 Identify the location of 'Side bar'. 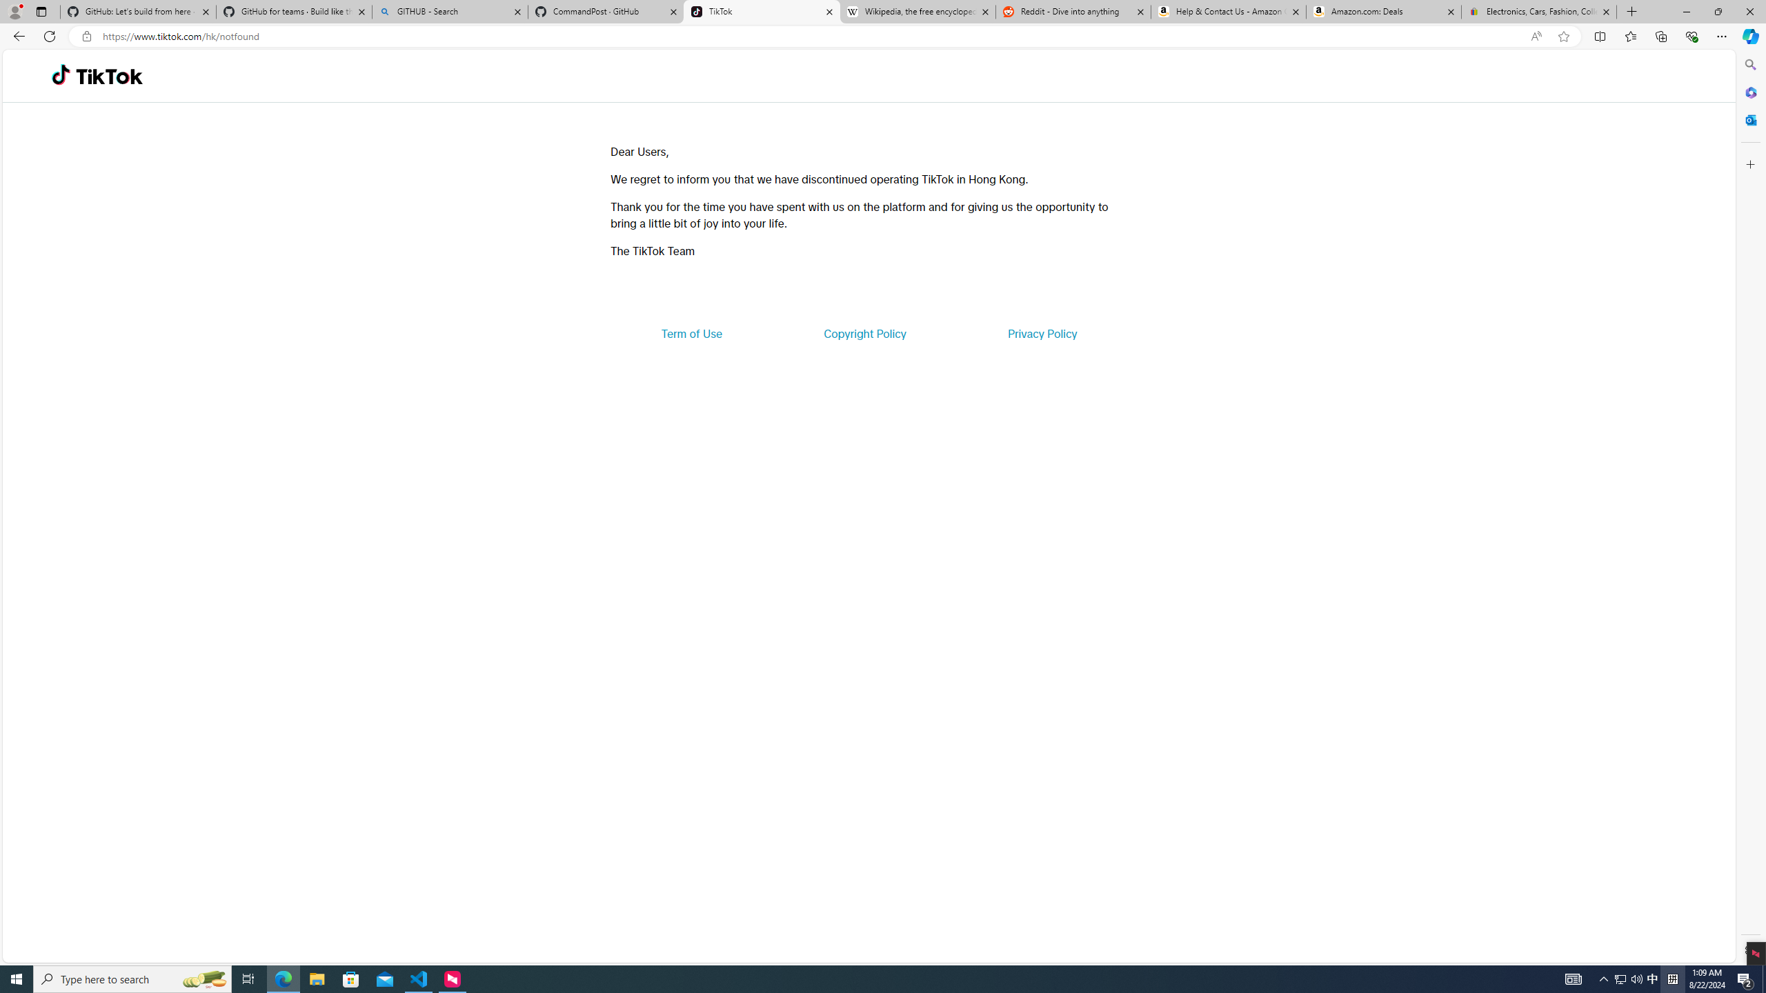
(1750, 507).